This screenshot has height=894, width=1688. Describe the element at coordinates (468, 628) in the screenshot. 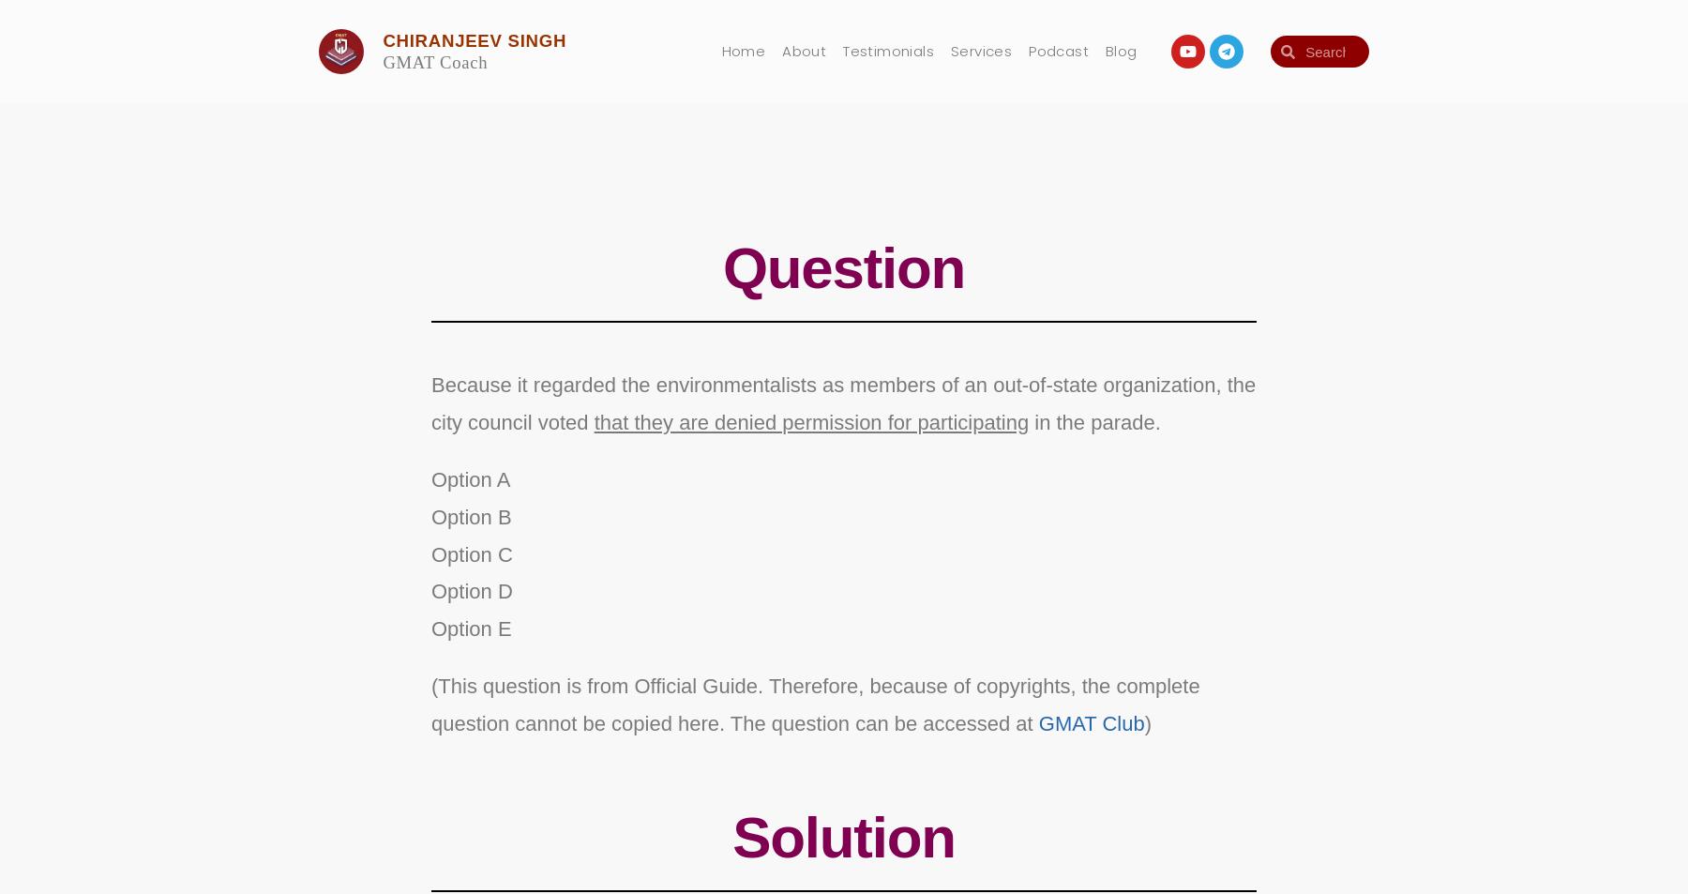

I see `'Option E'` at that location.